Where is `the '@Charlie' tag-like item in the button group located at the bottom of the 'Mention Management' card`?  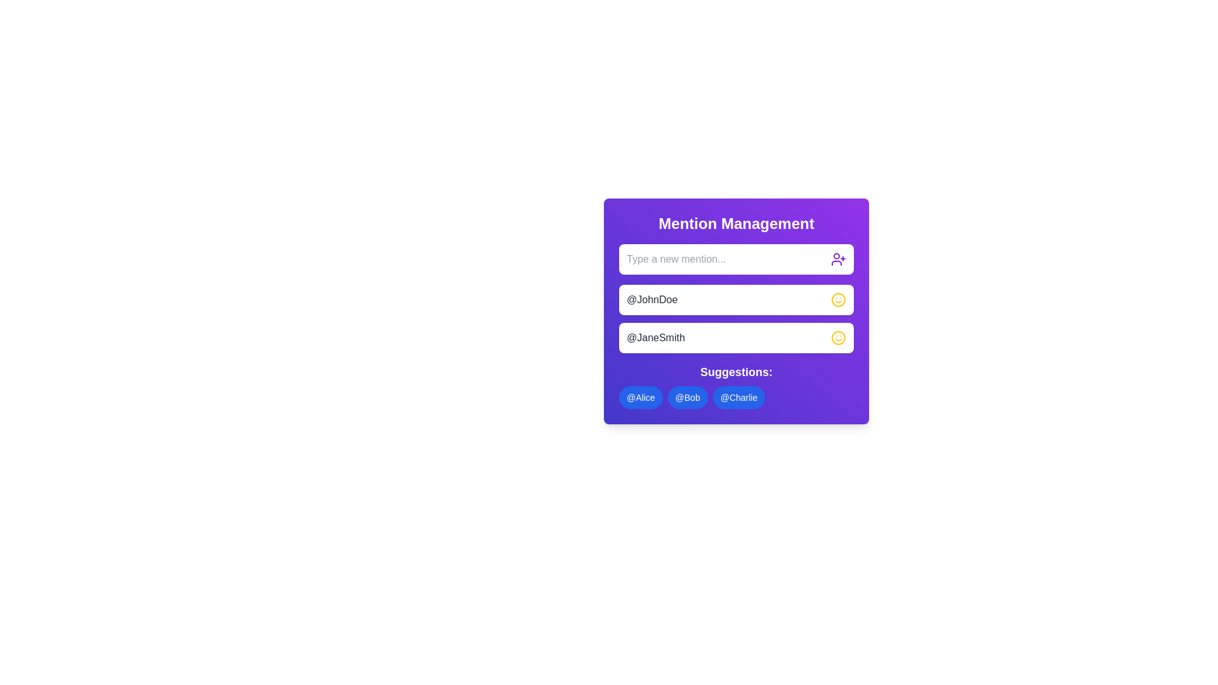
the '@Charlie' tag-like item in the button group located at the bottom of the 'Mention Management' card is located at coordinates (737, 386).